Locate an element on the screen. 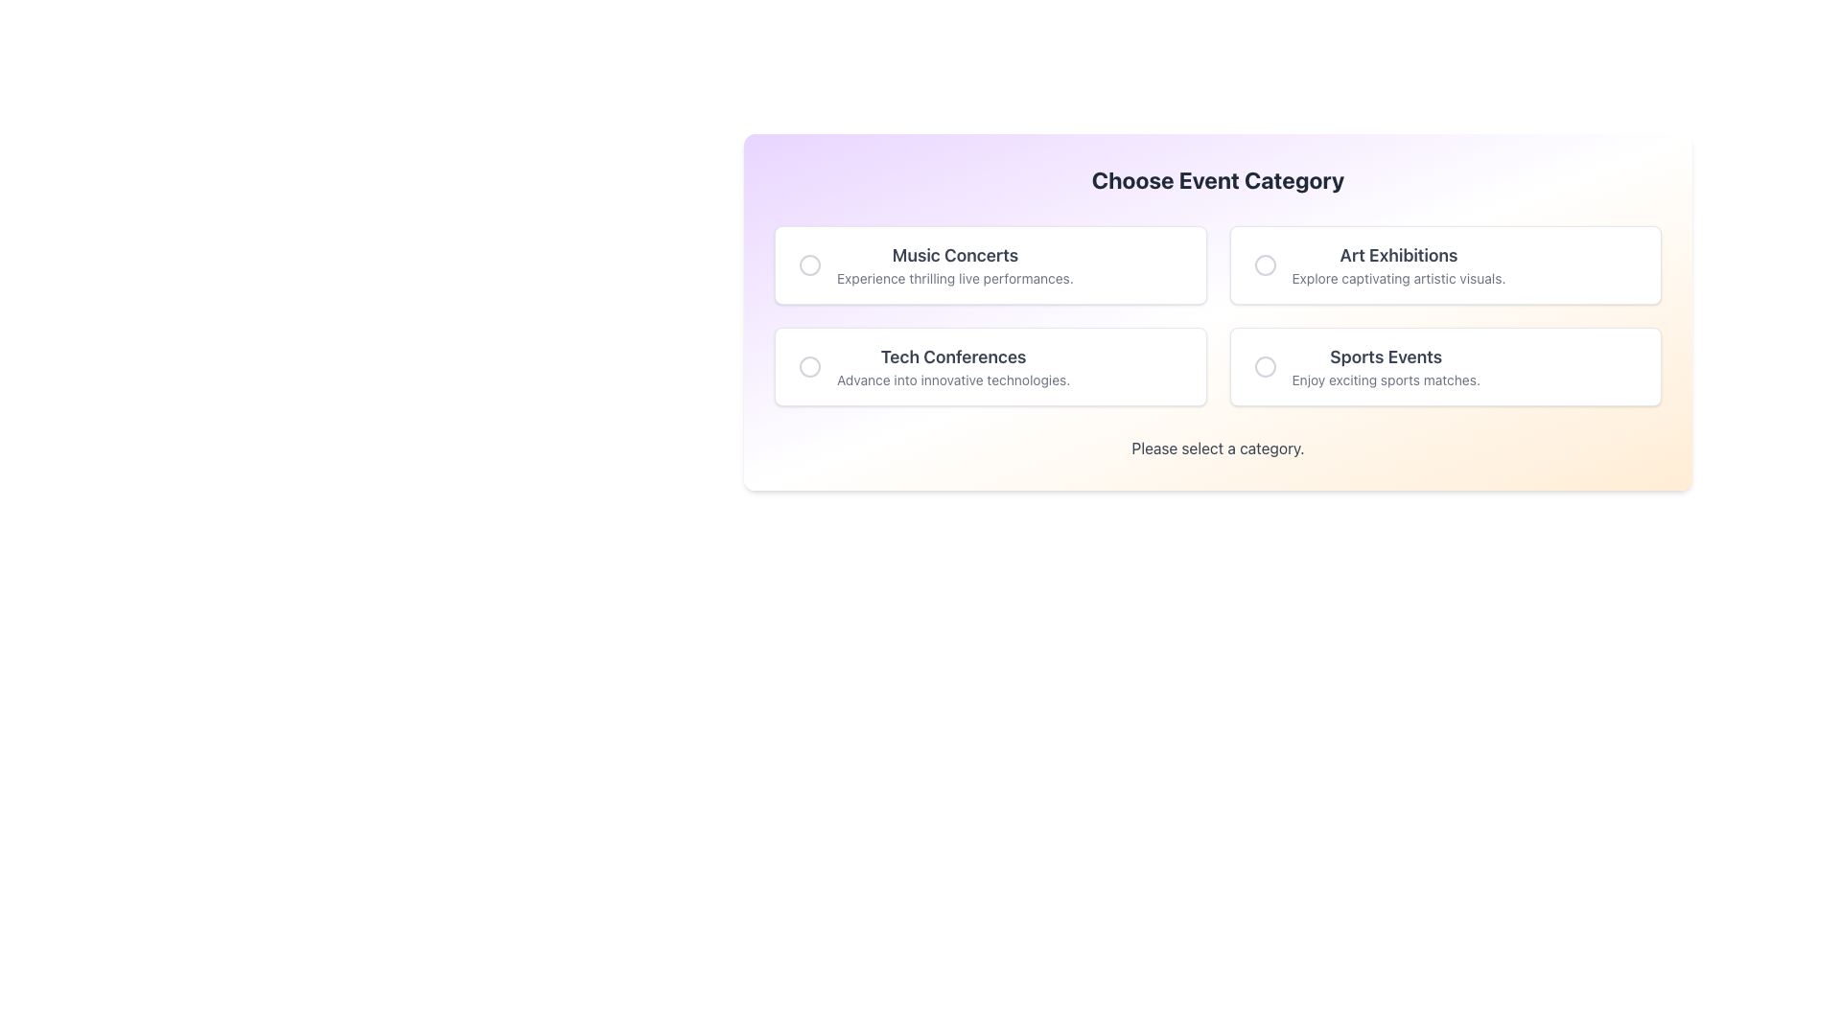 The image size is (1841, 1035). the 'Sports Events' text label, which provides information about the Sports Events category and is located in the bottom-right quadrant of the grid of selection cards is located at coordinates (1386, 366).